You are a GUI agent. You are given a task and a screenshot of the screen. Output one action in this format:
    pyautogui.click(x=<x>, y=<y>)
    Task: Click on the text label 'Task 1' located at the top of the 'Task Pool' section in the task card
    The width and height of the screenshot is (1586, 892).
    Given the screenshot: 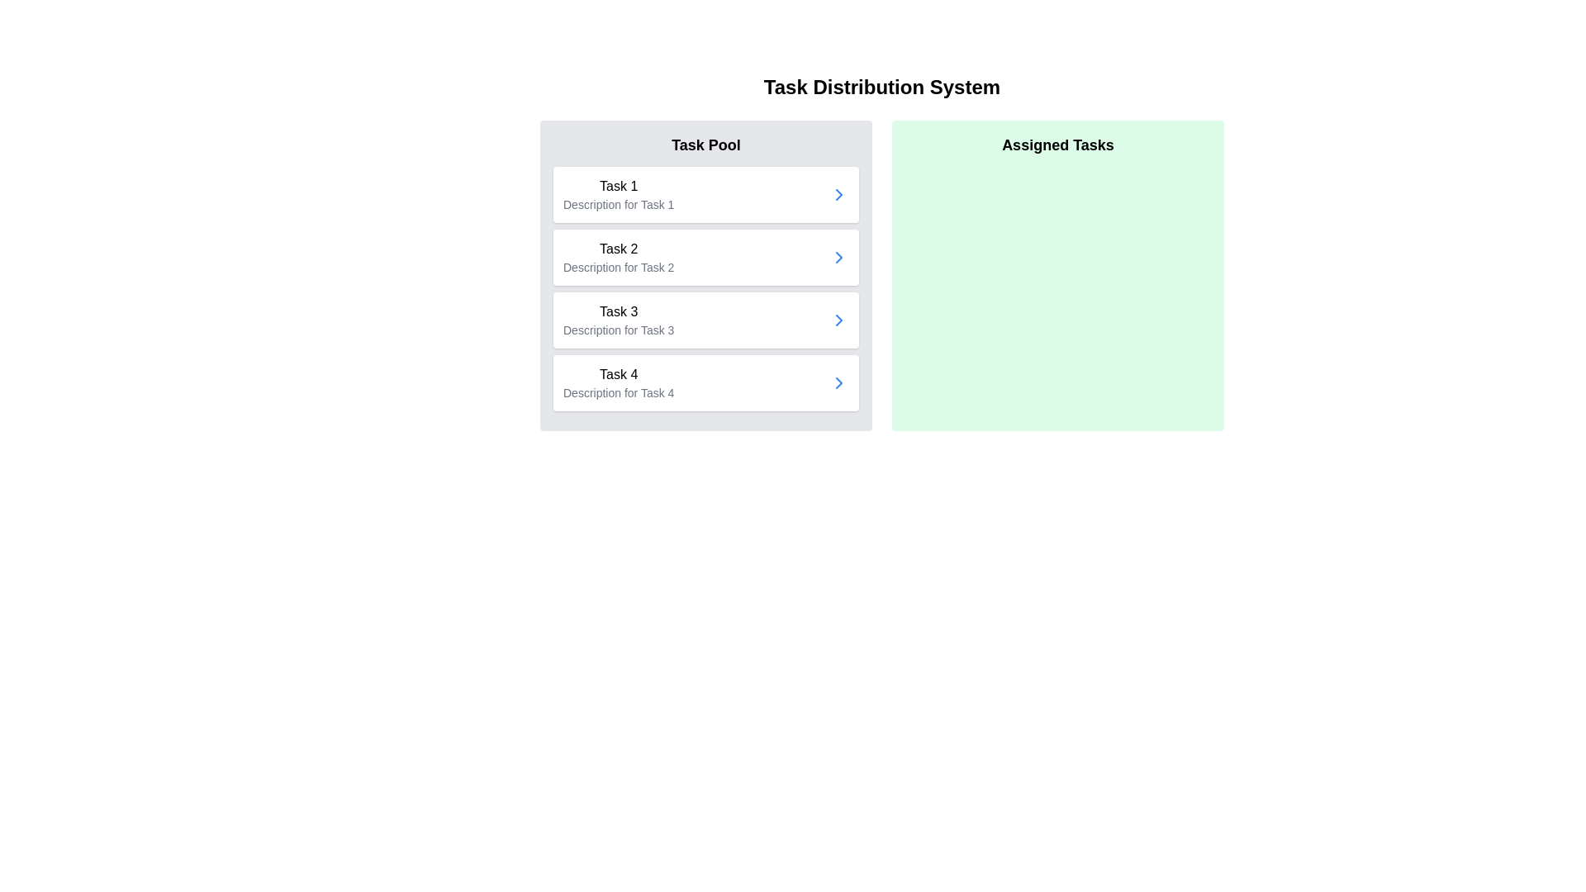 What is the action you would take?
    pyautogui.click(x=618, y=186)
    